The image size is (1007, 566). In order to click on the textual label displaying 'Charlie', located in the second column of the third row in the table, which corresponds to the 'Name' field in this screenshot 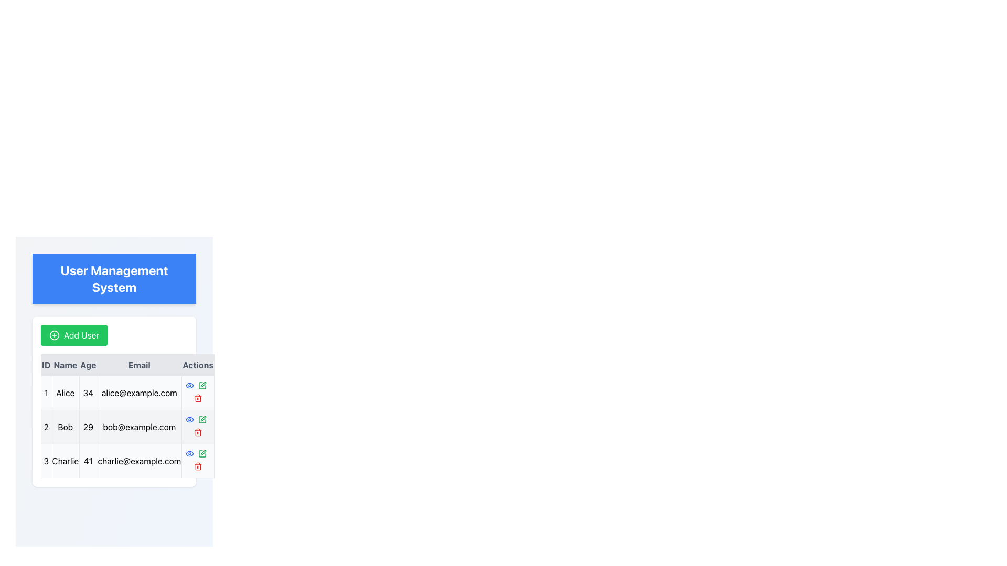, I will do `click(65, 460)`.